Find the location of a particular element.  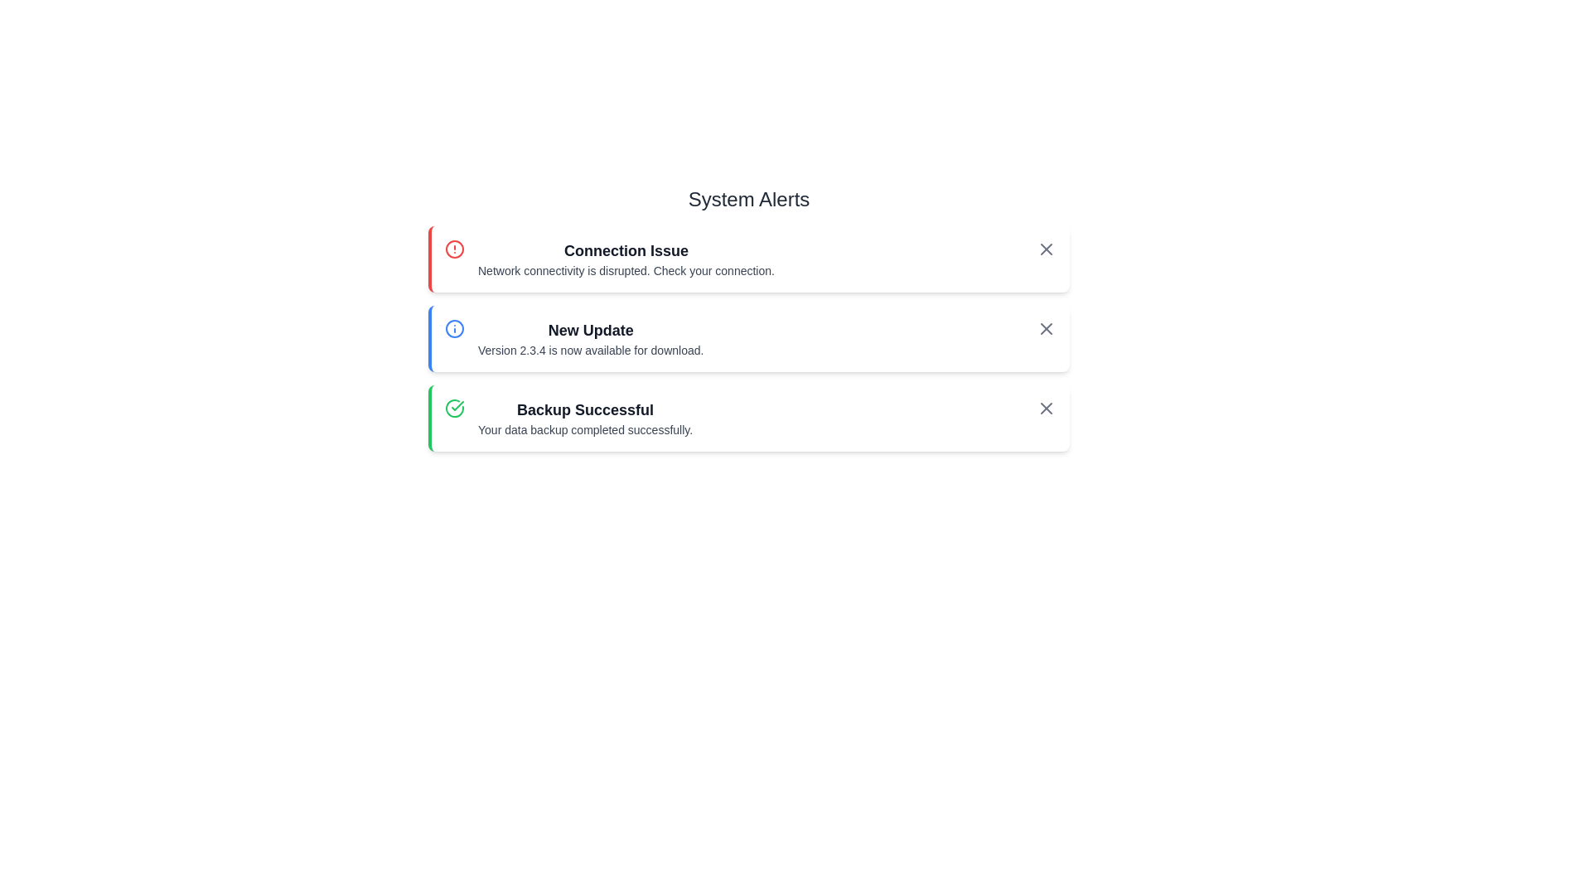

the text block displaying 'Backup Successful' and 'Your data backup completed successfully', located in the bottom alert box, horizontally centered and adjacent to a green check icon is located at coordinates (585, 418).